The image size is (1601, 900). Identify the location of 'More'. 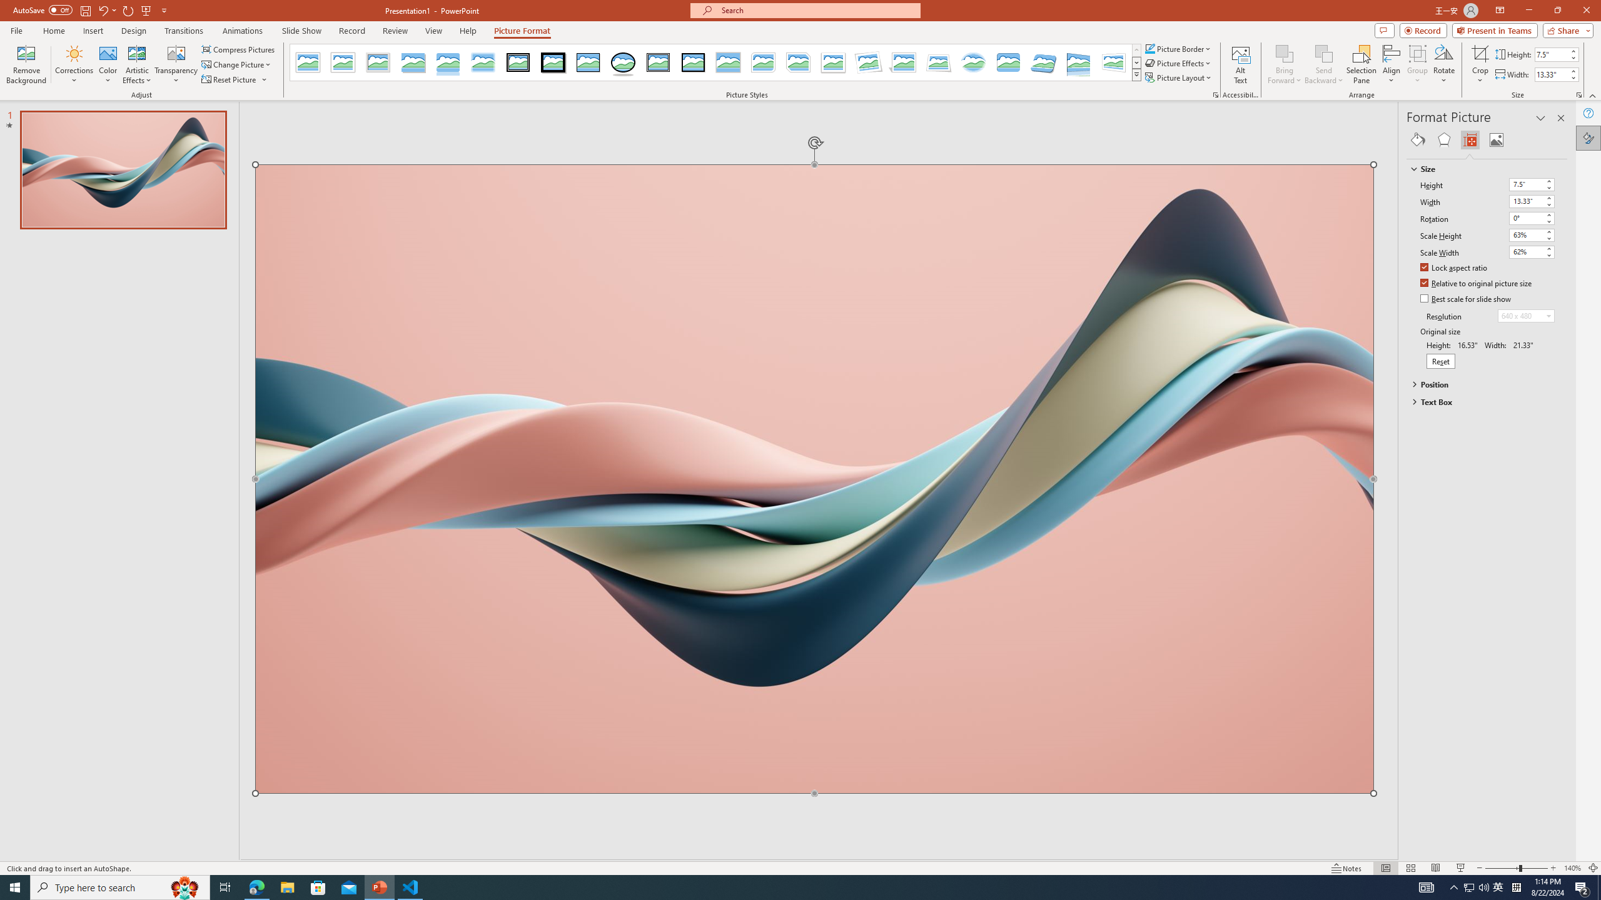
(1573, 71).